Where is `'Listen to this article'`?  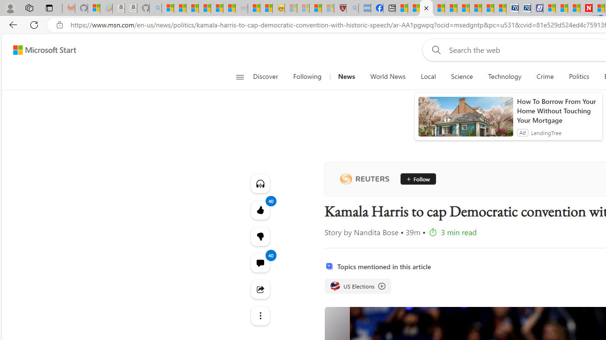
'Listen to this article' is located at coordinates (260, 183).